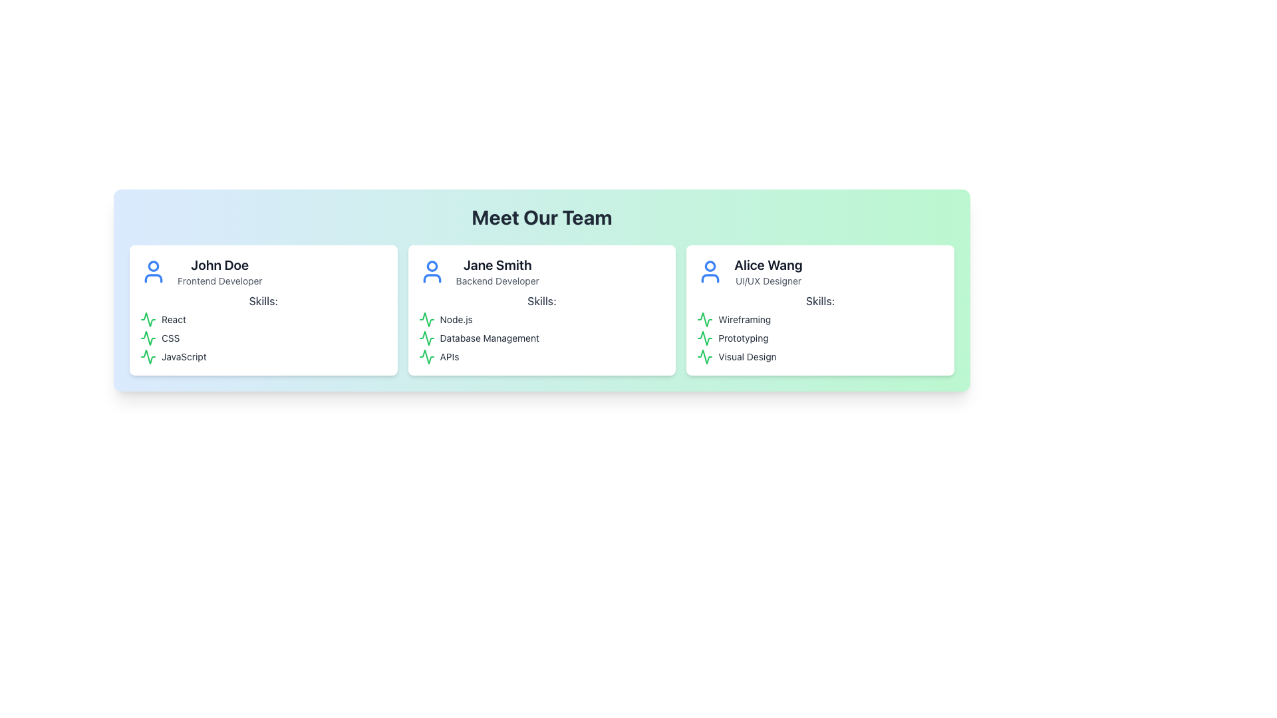 This screenshot has height=718, width=1277. What do you see at coordinates (426, 320) in the screenshot?
I see `the green zigzag line icon resembling a heartbeat monitor waveform located below the 'Node.js' text in the skill list of the 'Jane Smith' card` at bounding box center [426, 320].